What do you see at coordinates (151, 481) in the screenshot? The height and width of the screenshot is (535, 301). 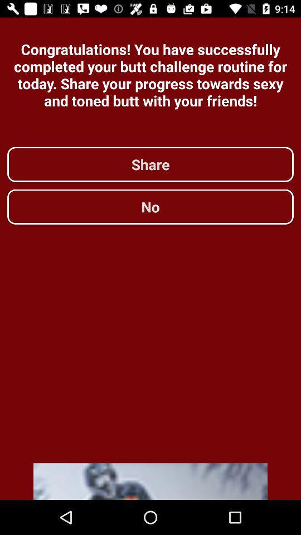 I see `advertisement banner` at bounding box center [151, 481].